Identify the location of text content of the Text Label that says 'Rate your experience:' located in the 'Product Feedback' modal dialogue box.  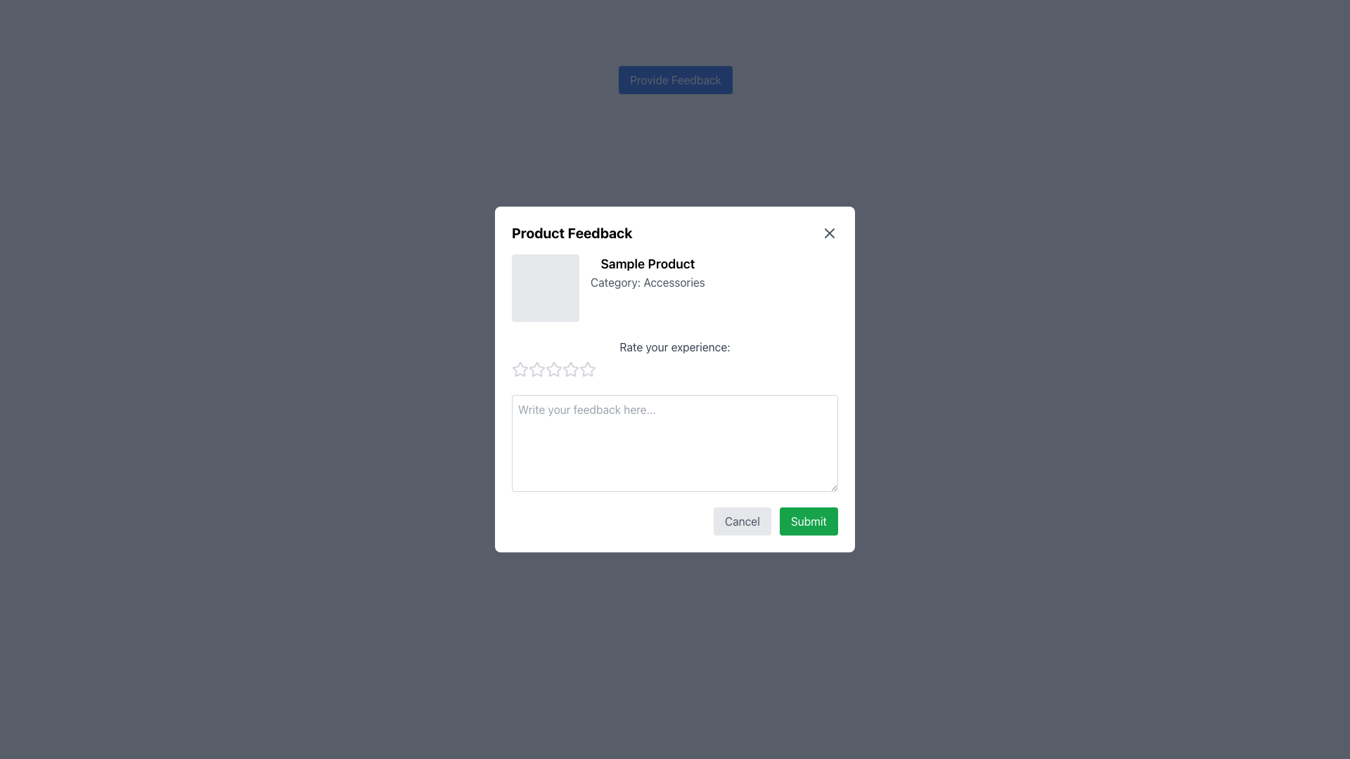
(675, 346).